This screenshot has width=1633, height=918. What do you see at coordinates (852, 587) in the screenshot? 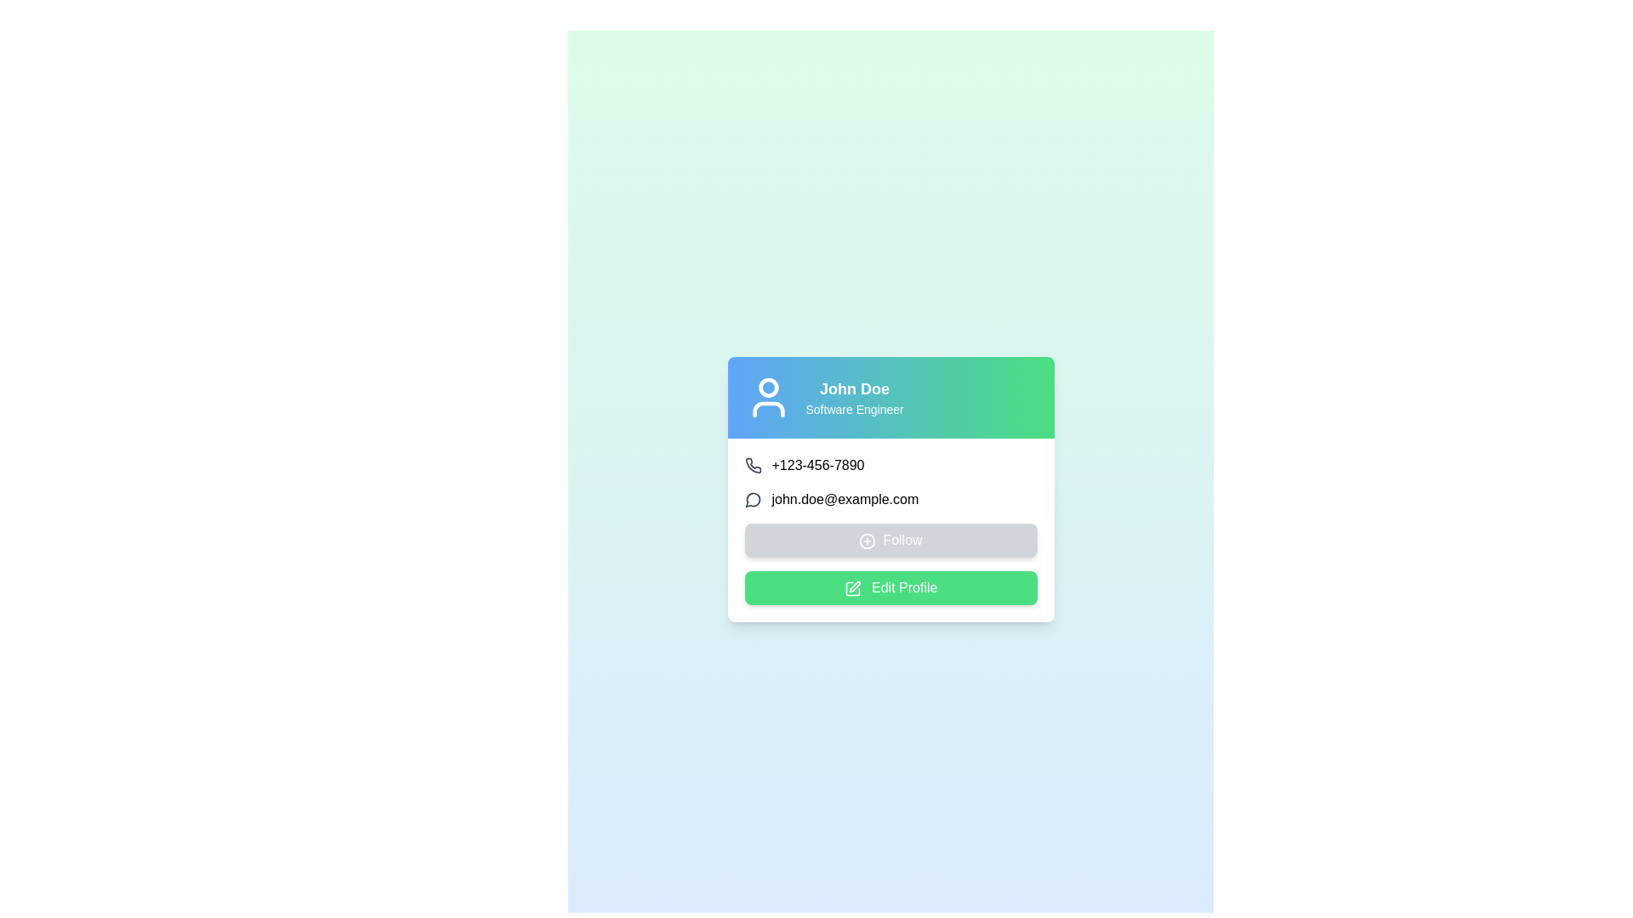
I see `the SVG graphic icon representing the editing action, which is the leftmost component in the 'Edit Profile' button located near the center bottom of the card interface` at bounding box center [852, 587].